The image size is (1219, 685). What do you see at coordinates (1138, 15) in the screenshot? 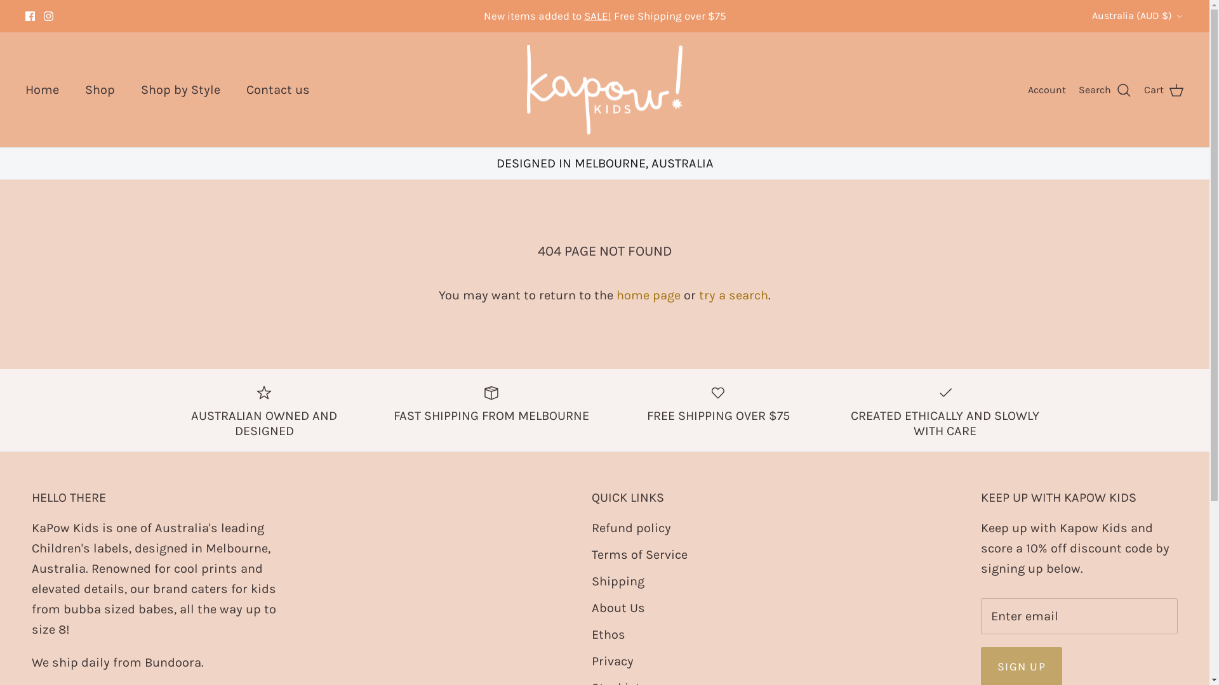
I see `'Australia (AUD $)` at bounding box center [1138, 15].